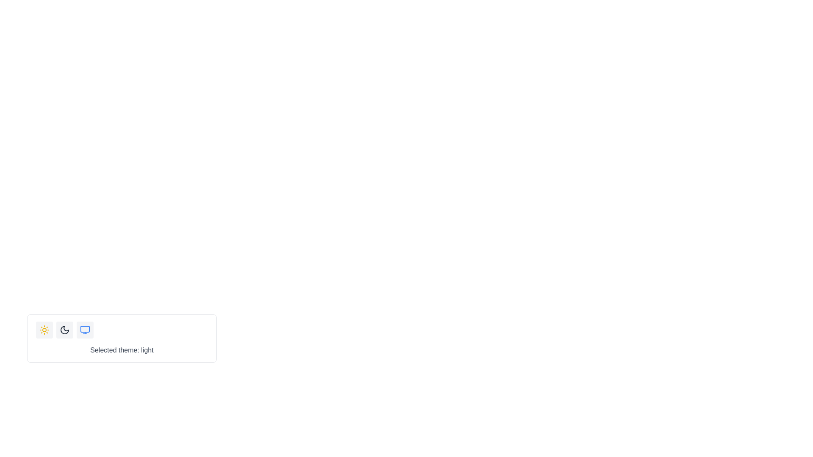 The image size is (813, 457). What do you see at coordinates (44, 329) in the screenshot?
I see `the sun icon located at the center of the first button in a horizontal row of buttons to switch the theme` at bounding box center [44, 329].